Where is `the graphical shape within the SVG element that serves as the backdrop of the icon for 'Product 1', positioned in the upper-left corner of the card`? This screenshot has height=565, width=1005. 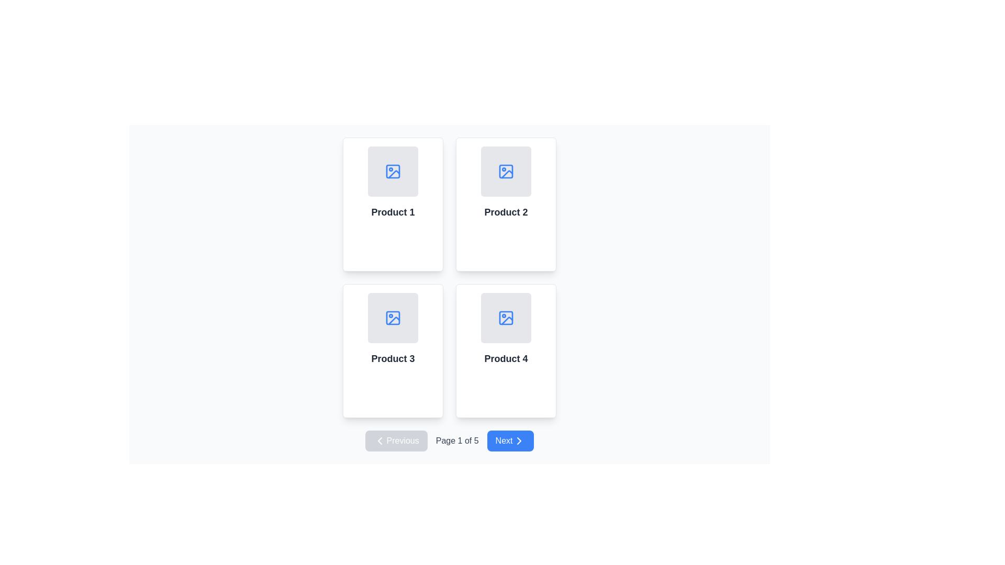 the graphical shape within the SVG element that serves as the backdrop of the icon for 'Product 1', positioned in the upper-left corner of the card is located at coordinates (392, 171).